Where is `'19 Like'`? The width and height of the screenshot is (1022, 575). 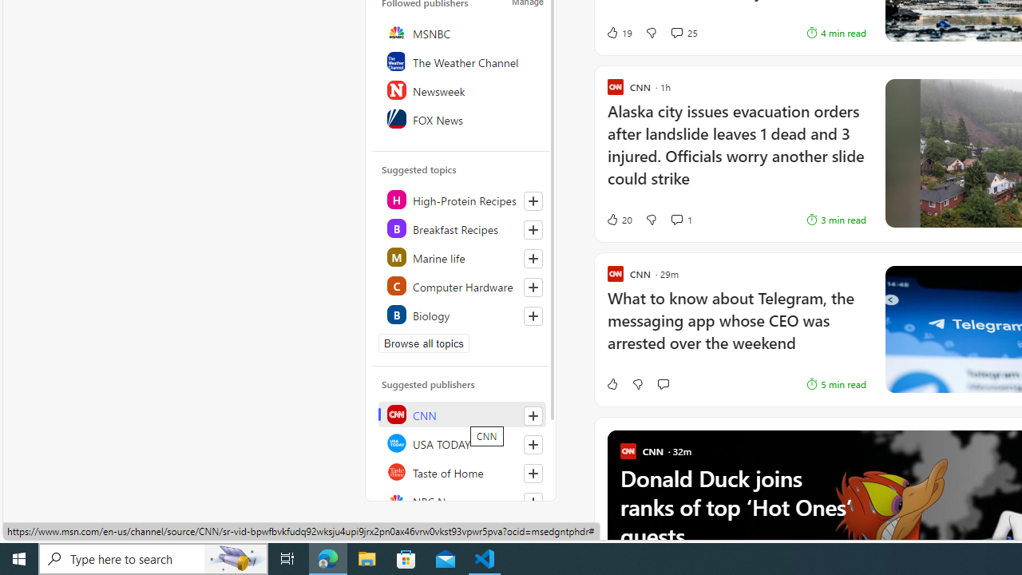
'19 Like' is located at coordinates (618, 33).